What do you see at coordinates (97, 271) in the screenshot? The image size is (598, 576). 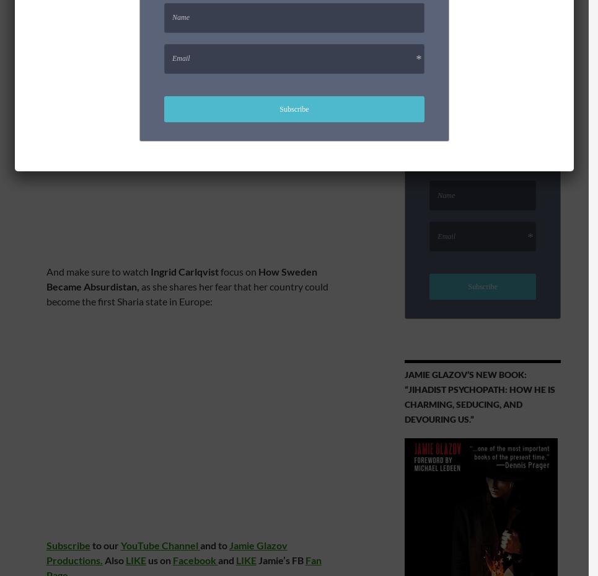 I see `'And make sure to watch'` at bounding box center [97, 271].